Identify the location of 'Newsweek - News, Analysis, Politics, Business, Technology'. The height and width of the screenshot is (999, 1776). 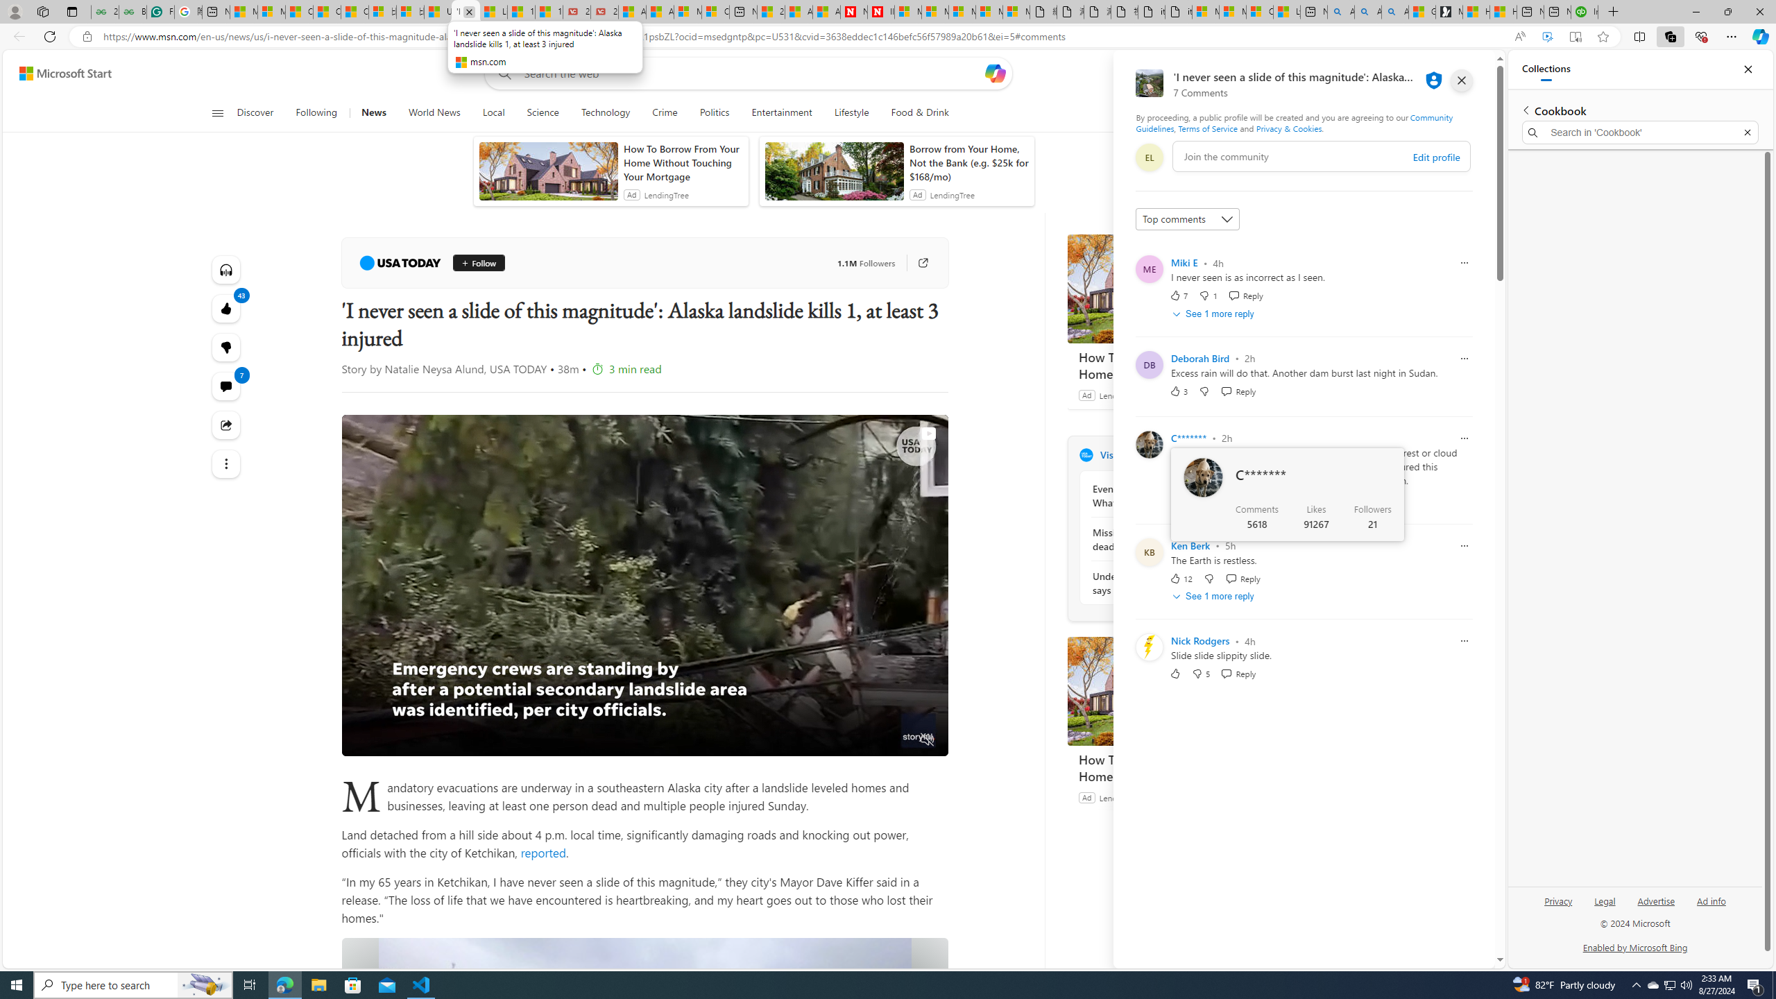
(854, 11).